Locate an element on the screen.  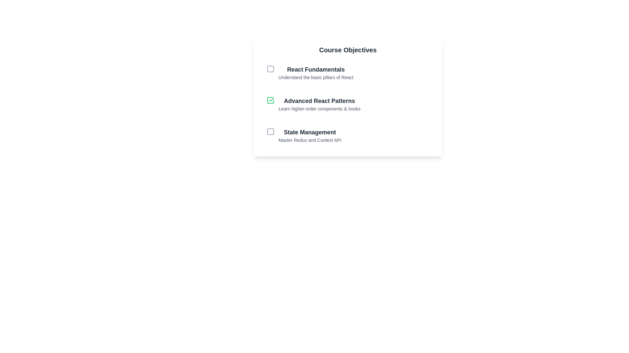
the checkbox for the item labeled React Fundamentals is located at coordinates (270, 69).